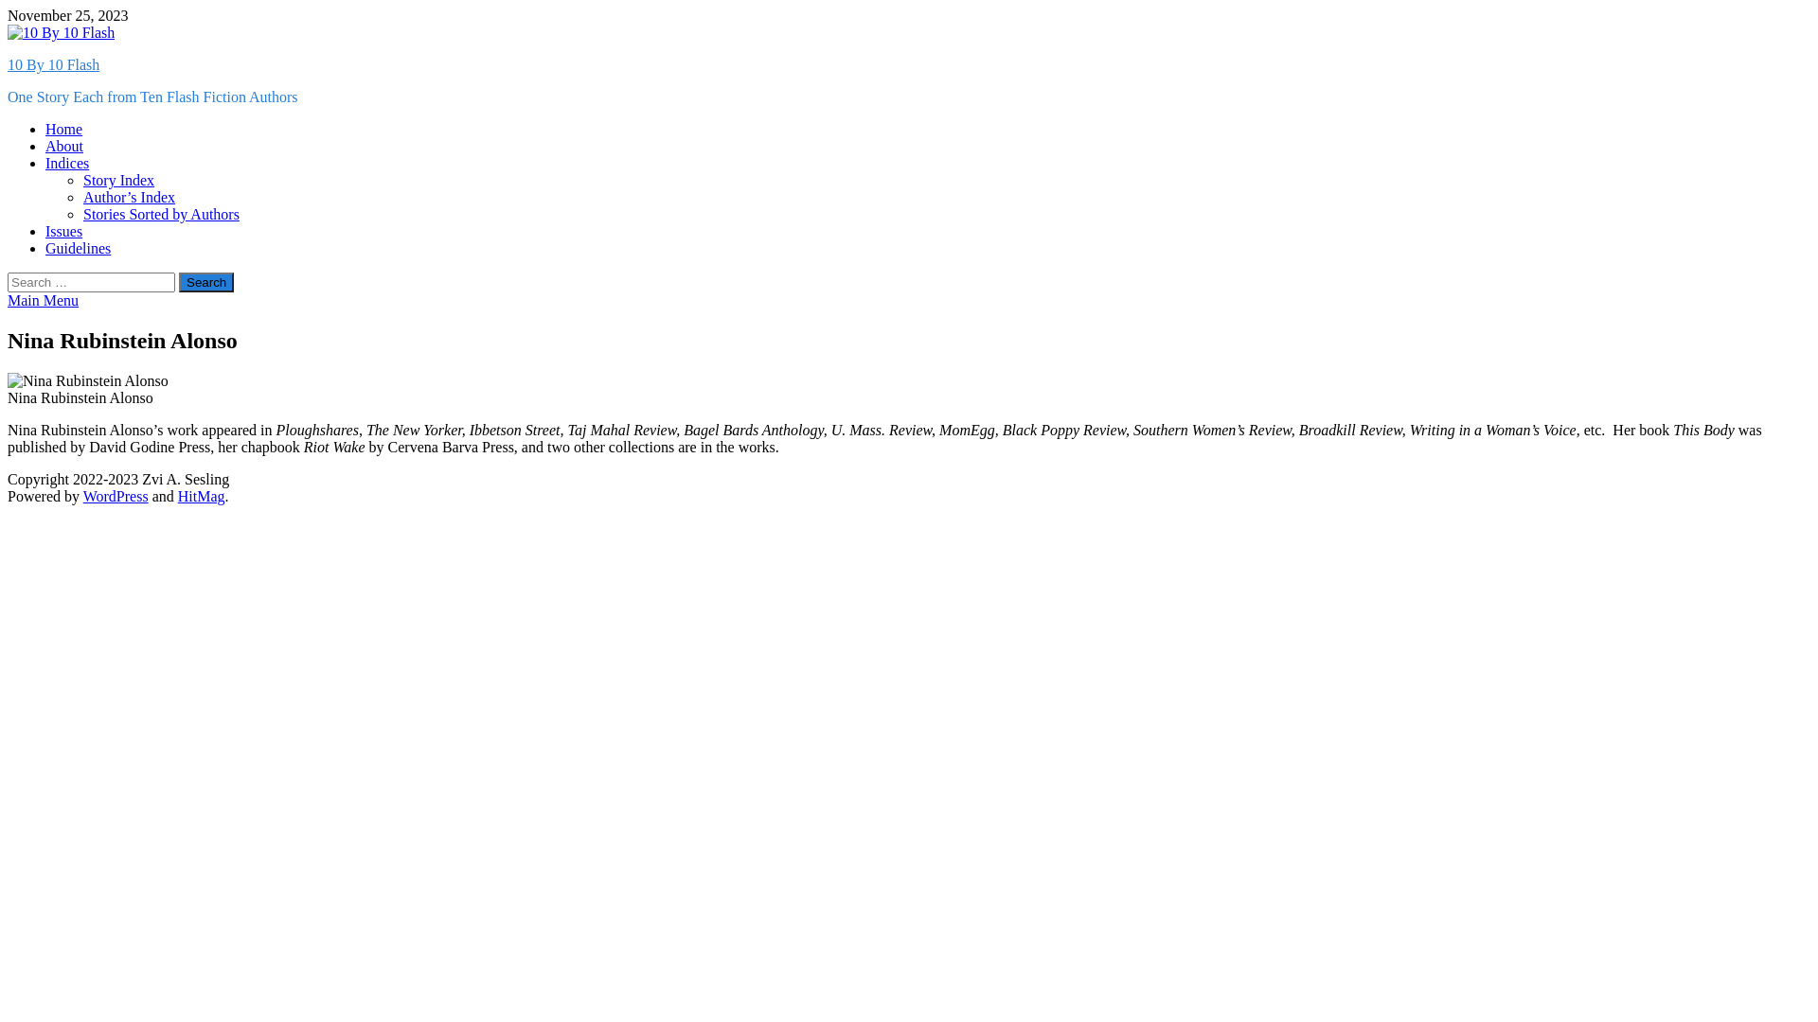  What do you see at coordinates (8, 299) in the screenshot?
I see `'Main Menu'` at bounding box center [8, 299].